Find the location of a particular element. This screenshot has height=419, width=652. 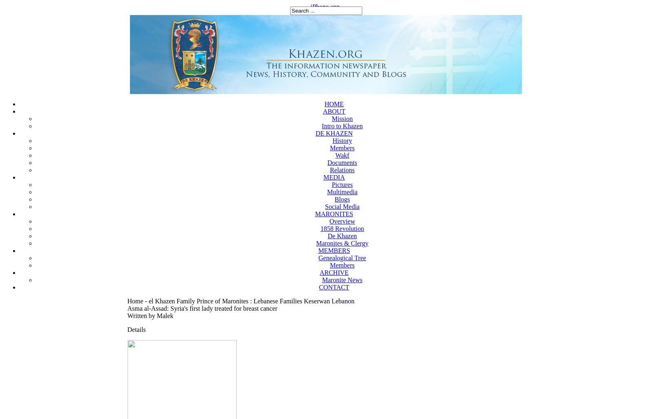

'Asma al-Assad: Syria's first lady treated for breast cancer' is located at coordinates (127, 308).